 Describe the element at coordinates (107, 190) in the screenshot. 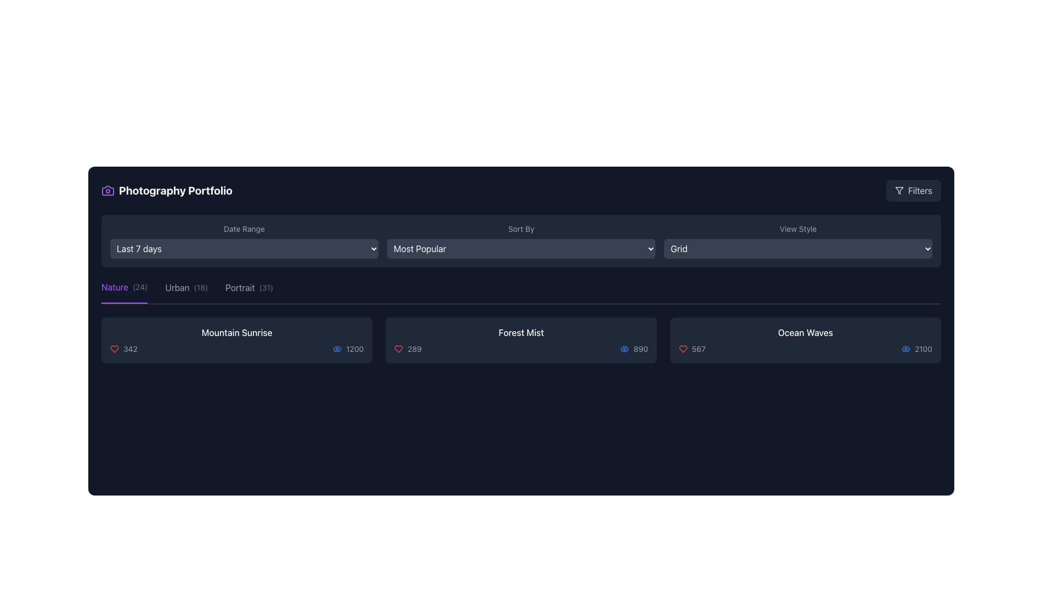

I see `the camera-shaped icon located in the top-left corner of the interface, adjacent to the 'Photography Portfolio' text label` at that location.